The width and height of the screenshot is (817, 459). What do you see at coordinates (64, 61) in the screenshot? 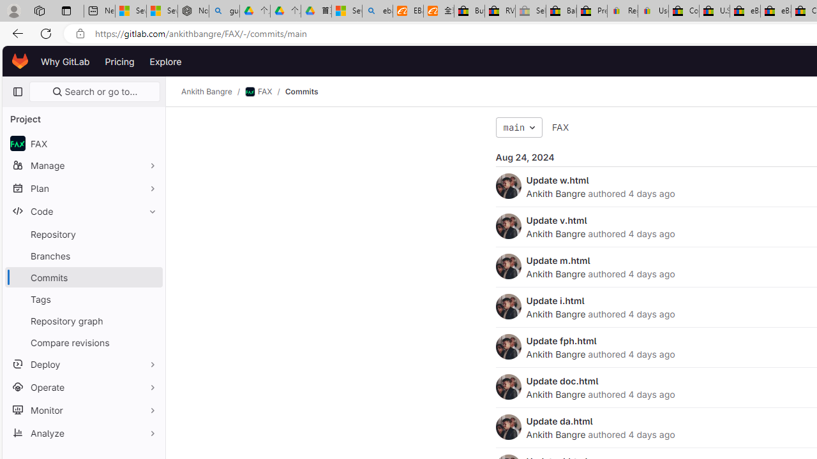
I see `'Why GitLab'` at bounding box center [64, 61].